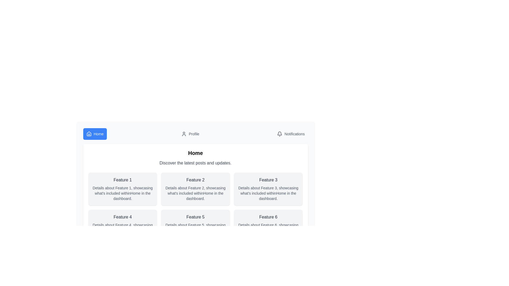 This screenshot has height=286, width=509. What do you see at coordinates (122, 226) in the screenshot?
I see `the content of the informational card titled 'Feature 4', which has a light gray background and is located in the second row of the grid layout` at bounding box center [122, 226].